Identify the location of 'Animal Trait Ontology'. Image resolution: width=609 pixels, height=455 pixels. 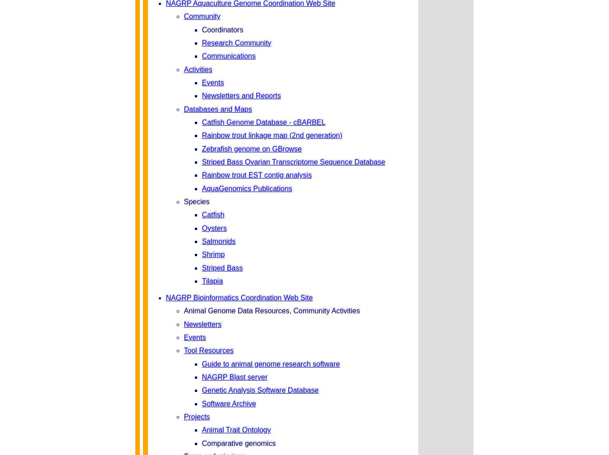
(235, 430).